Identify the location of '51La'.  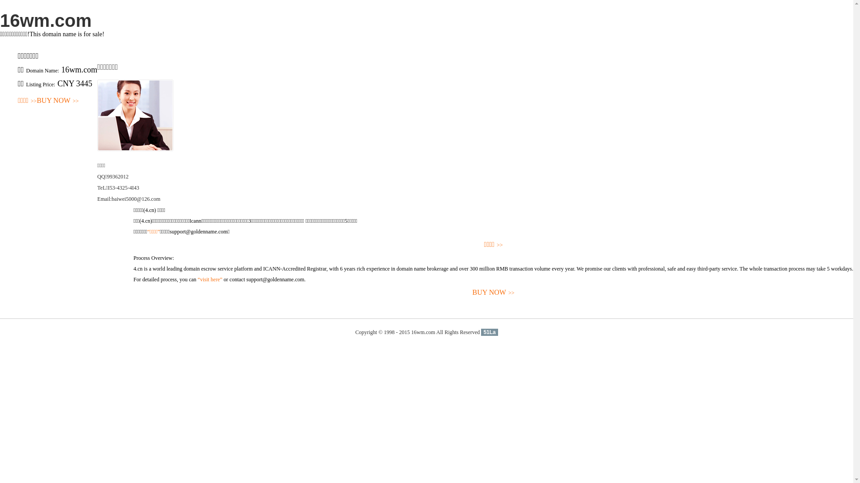
(481, 332).